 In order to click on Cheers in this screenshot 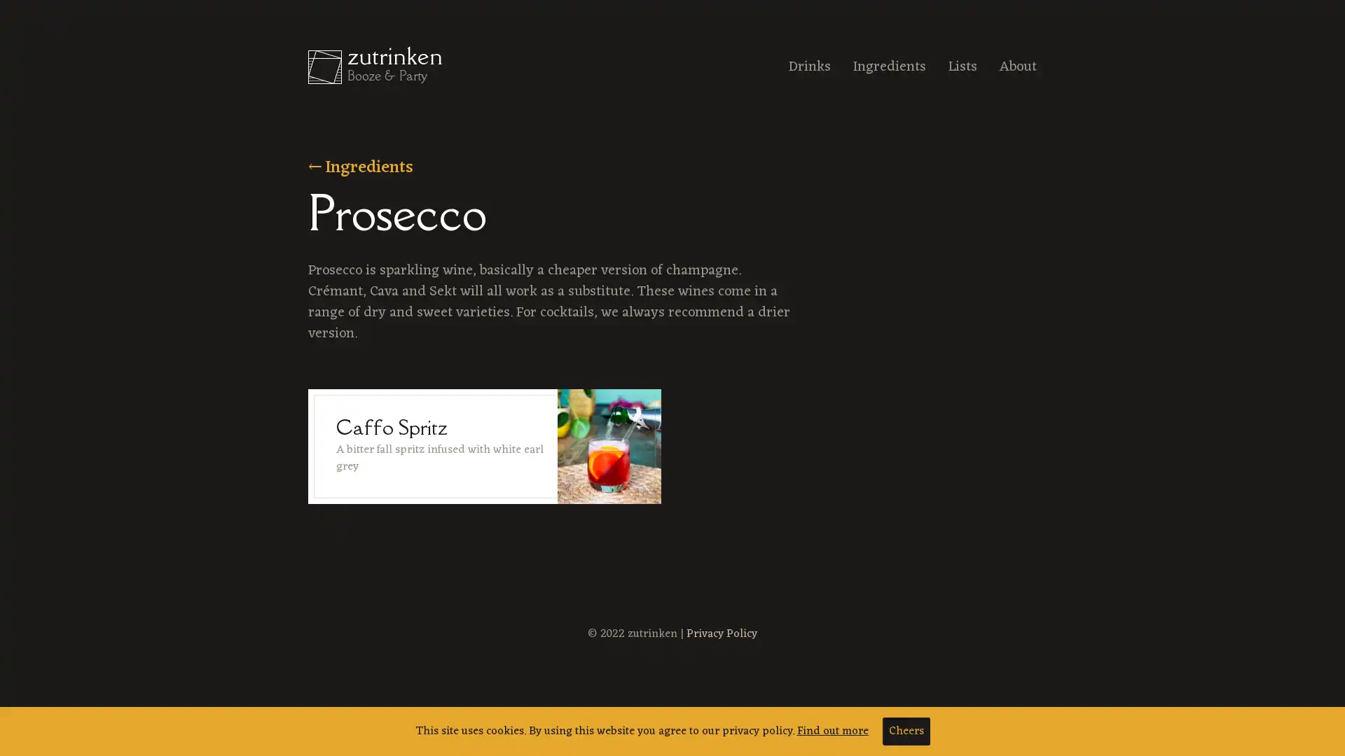, I will do `click(905, 731)`.